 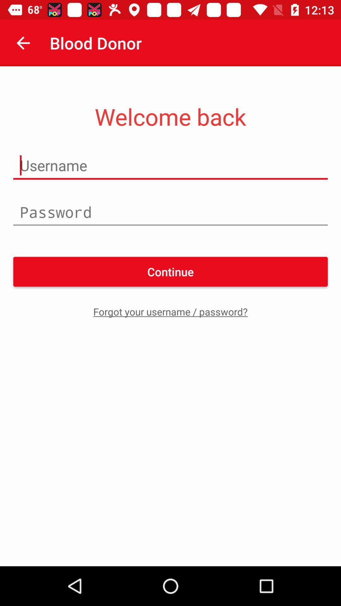 I want to click on the item above welcome back icon, so click(x=23, y=43).